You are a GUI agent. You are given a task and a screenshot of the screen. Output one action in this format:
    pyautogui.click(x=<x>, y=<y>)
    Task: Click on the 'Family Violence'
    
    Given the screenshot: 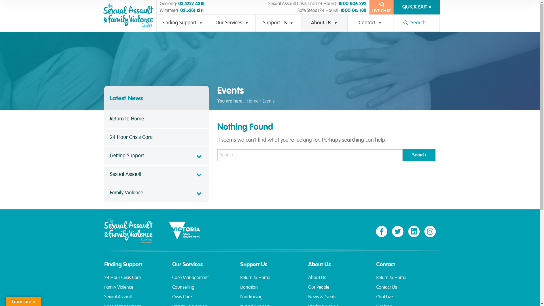 What is the action you would take?
    pyautogui.click(x=134, y=290)
    